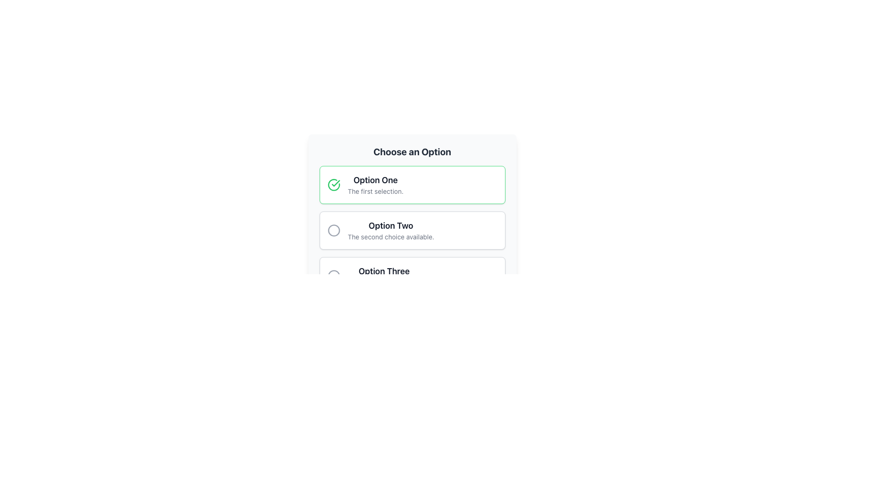  What do you see at coordinates (334, 230) in the screenshot?
I see `the circular outline graphic element located next to the left of the 'Option Two' in the vertical list of selectable options` at bounding box center [334, 230].